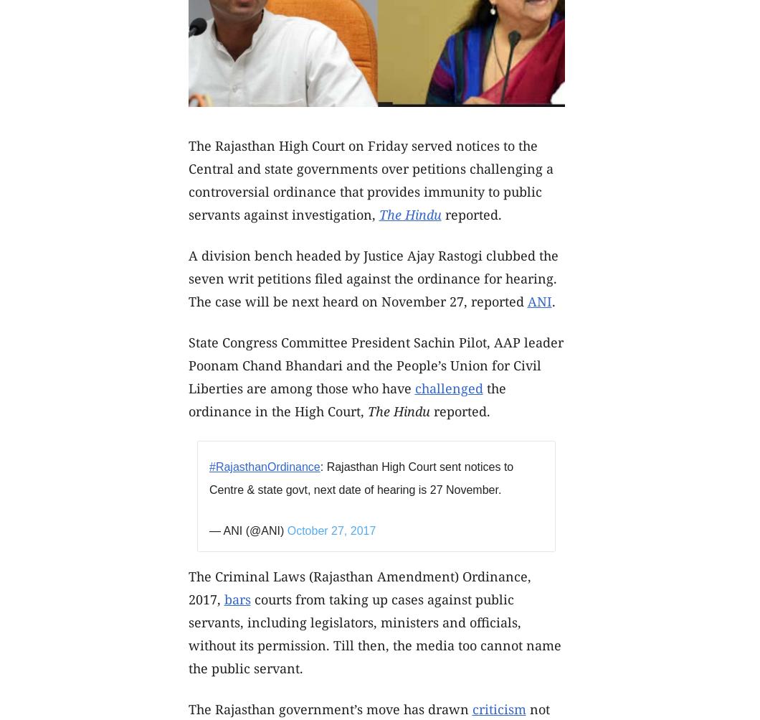  What do you see at coordinates (286, 530) in the screenshot?
I see `'October 27, 2017'` at bounding box center [286, 530].